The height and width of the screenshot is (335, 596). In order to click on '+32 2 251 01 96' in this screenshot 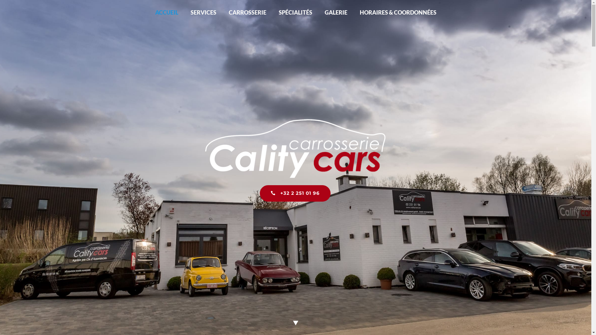, I will do `click(295, 193)`.